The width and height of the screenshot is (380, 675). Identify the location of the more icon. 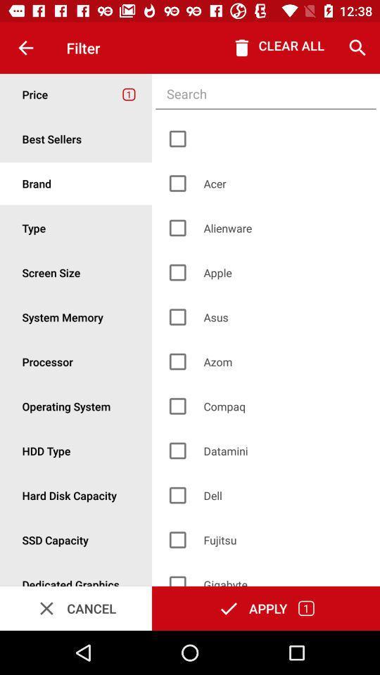
(76, 271).